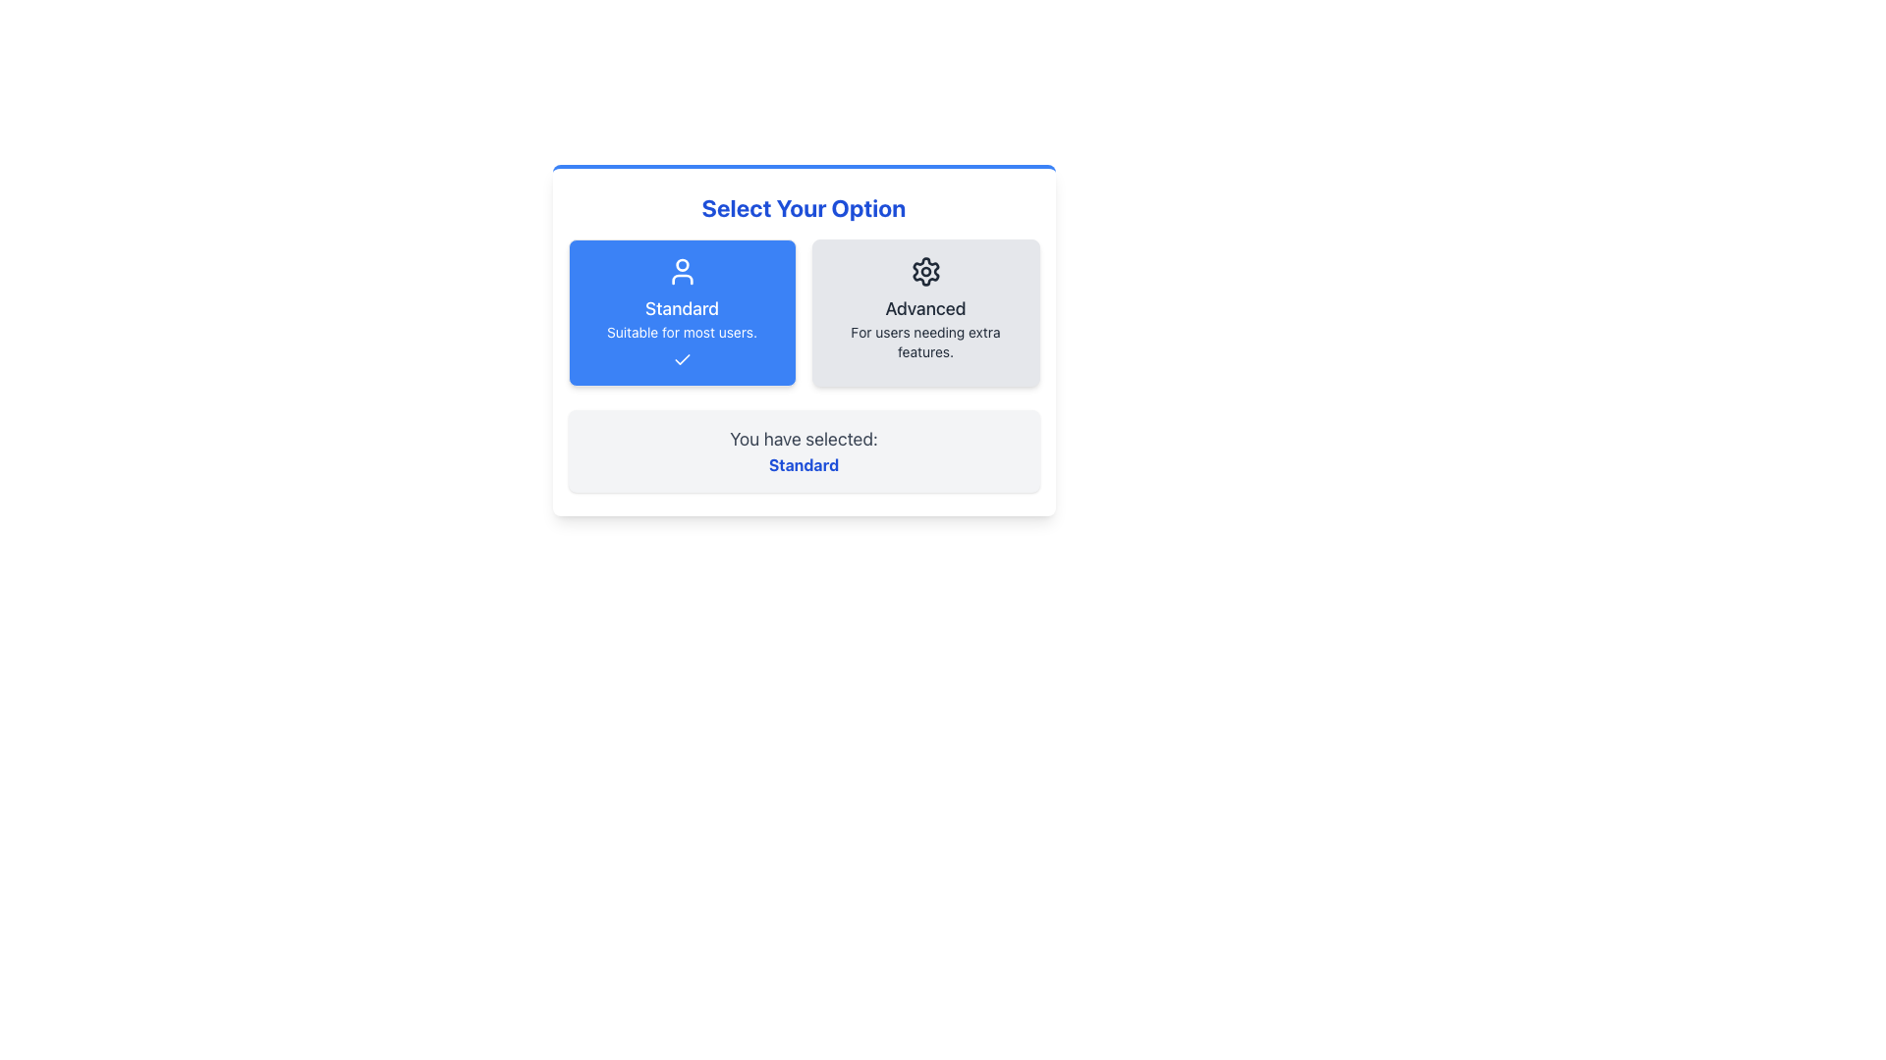 Image resolution: width=1886 pixels, height=1060 pixels. Describe the element at coordinates (682, 359) in the screenshot. I see `the state of the check mark icon located at the center of the blue button labeled 'Standard'` at that location.